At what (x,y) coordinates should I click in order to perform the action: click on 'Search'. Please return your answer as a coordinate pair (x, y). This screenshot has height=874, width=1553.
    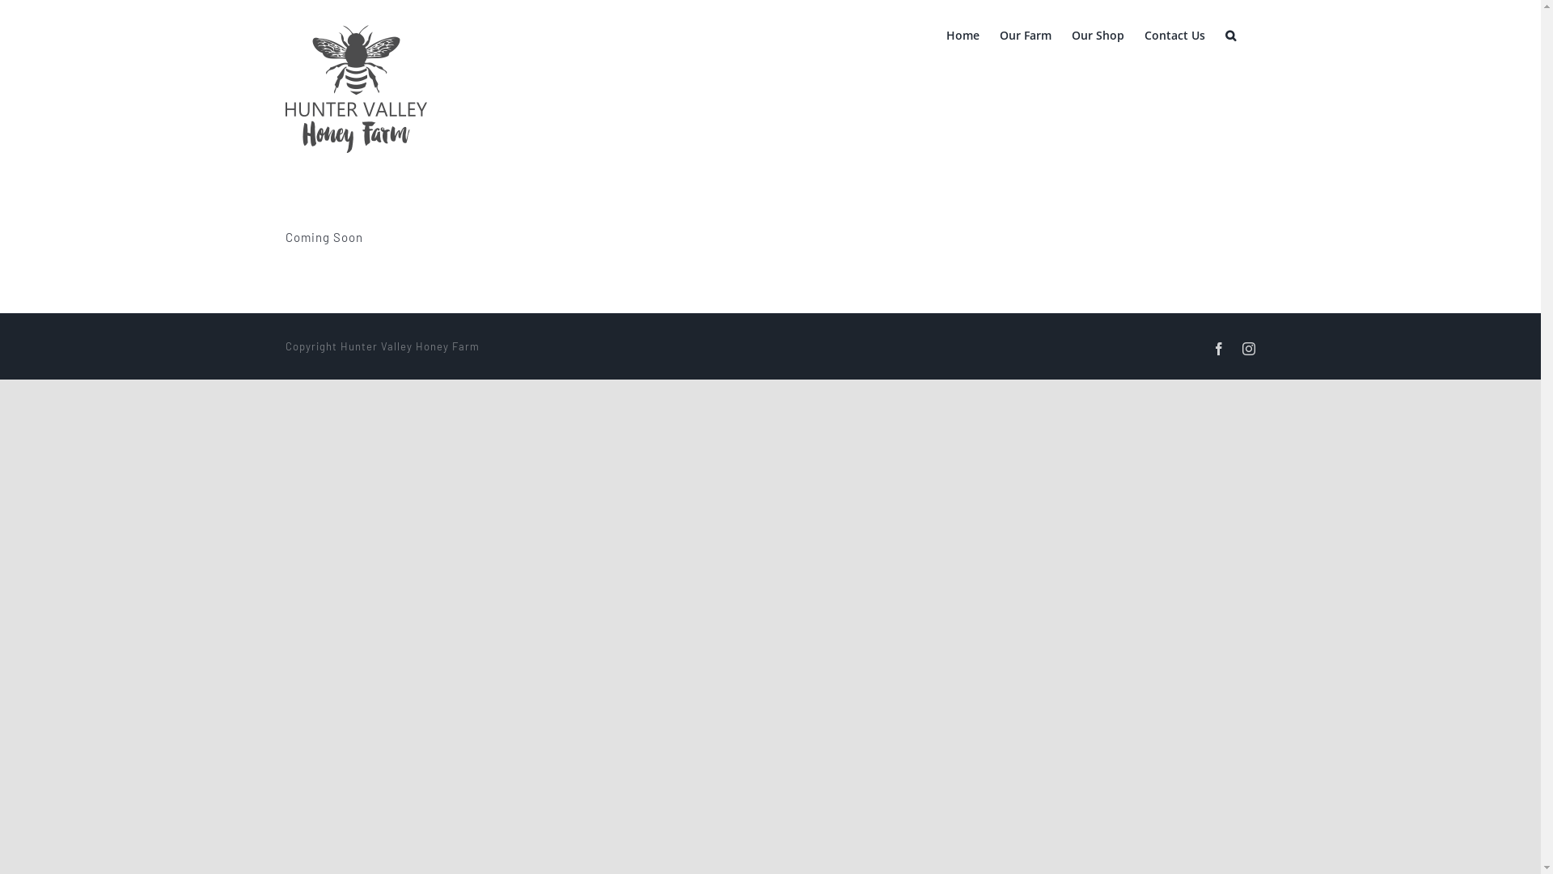
    Looking at the image, I should click on (1224, 34).